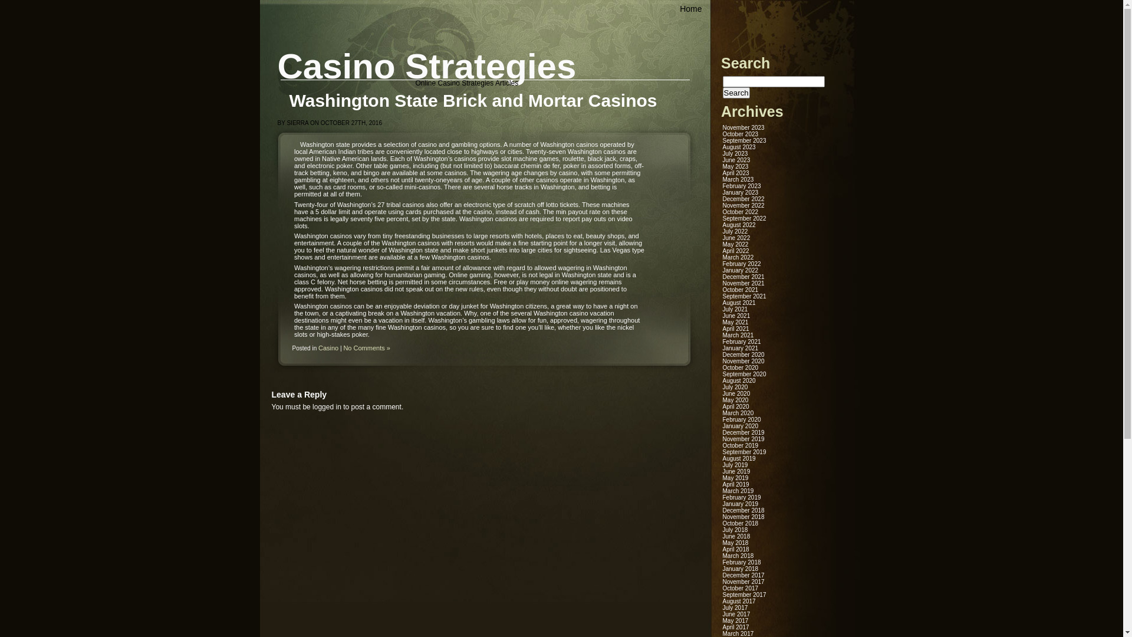 The height and width of the screenshot is (637, 1132). Describe the element at coordinates (743, 140) in the screenshot. I see `'September 2023'` at that location.